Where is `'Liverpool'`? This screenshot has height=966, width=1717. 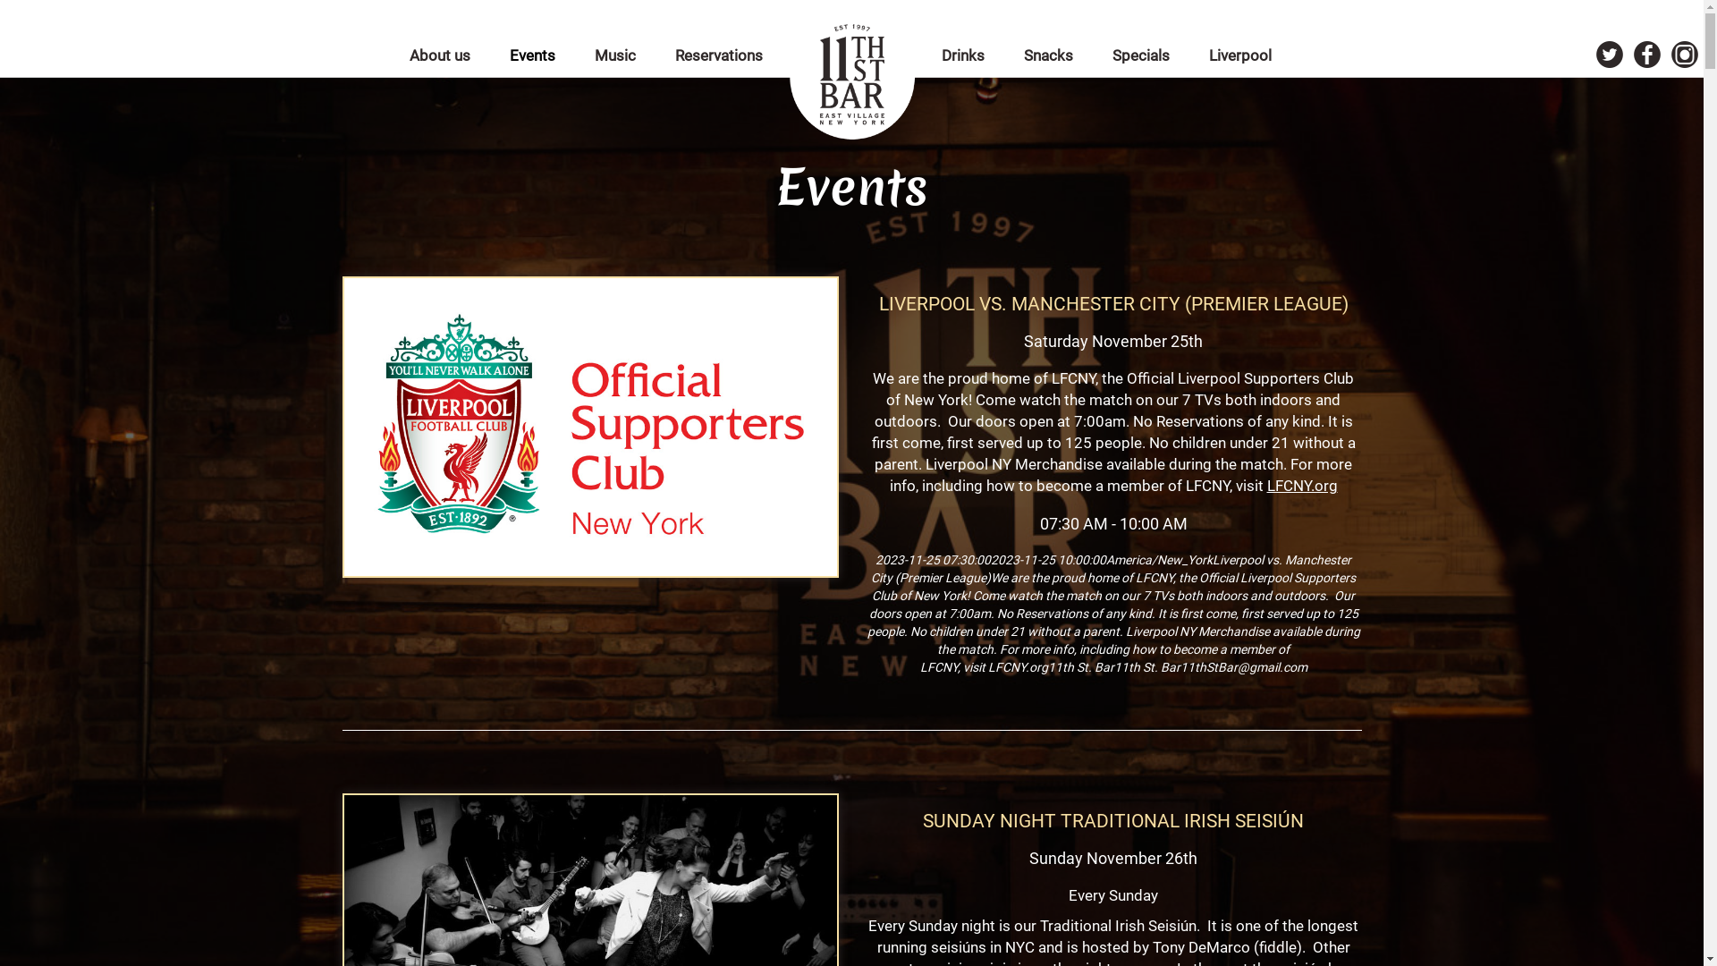
'Liverpool' is located at coordinates (1239, 54).